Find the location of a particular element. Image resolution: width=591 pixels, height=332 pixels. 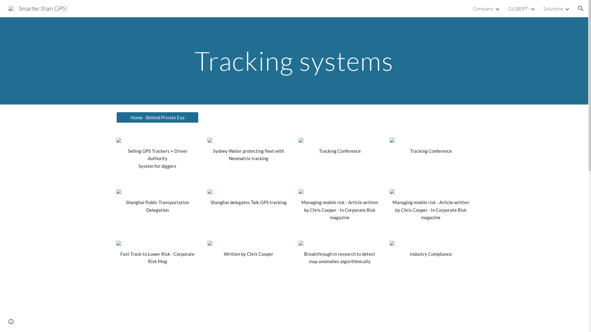

'Expand/Collapse' is located at coordinates (497, 8).